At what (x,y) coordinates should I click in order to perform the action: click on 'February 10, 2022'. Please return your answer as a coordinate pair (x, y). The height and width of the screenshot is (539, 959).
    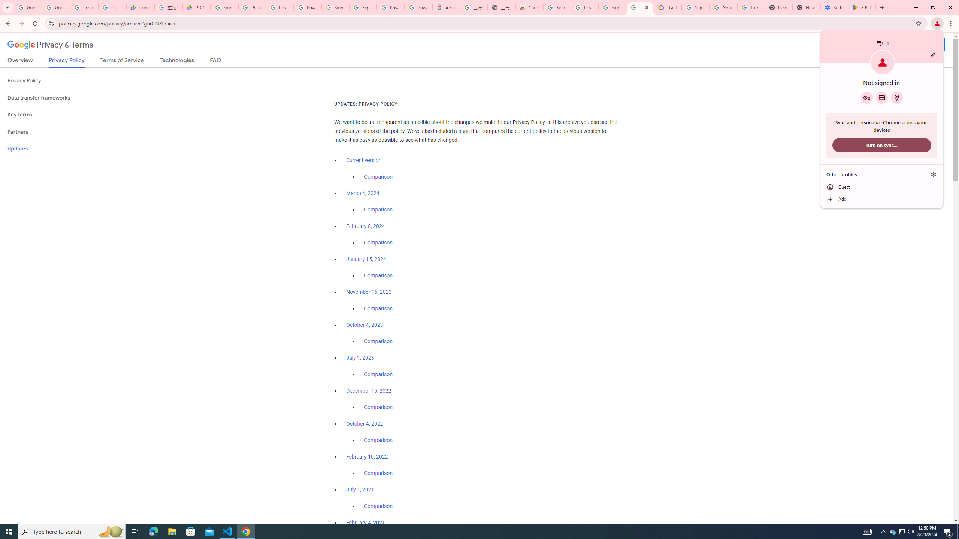
    Looking at the image, I should click on (367, 456).